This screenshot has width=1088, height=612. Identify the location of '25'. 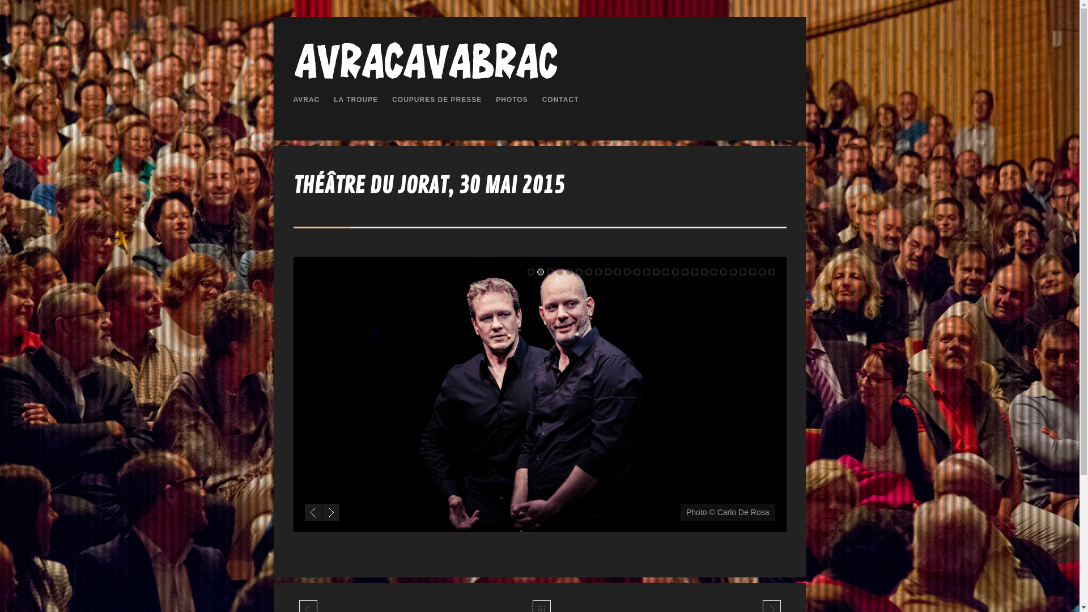
(762, 271).